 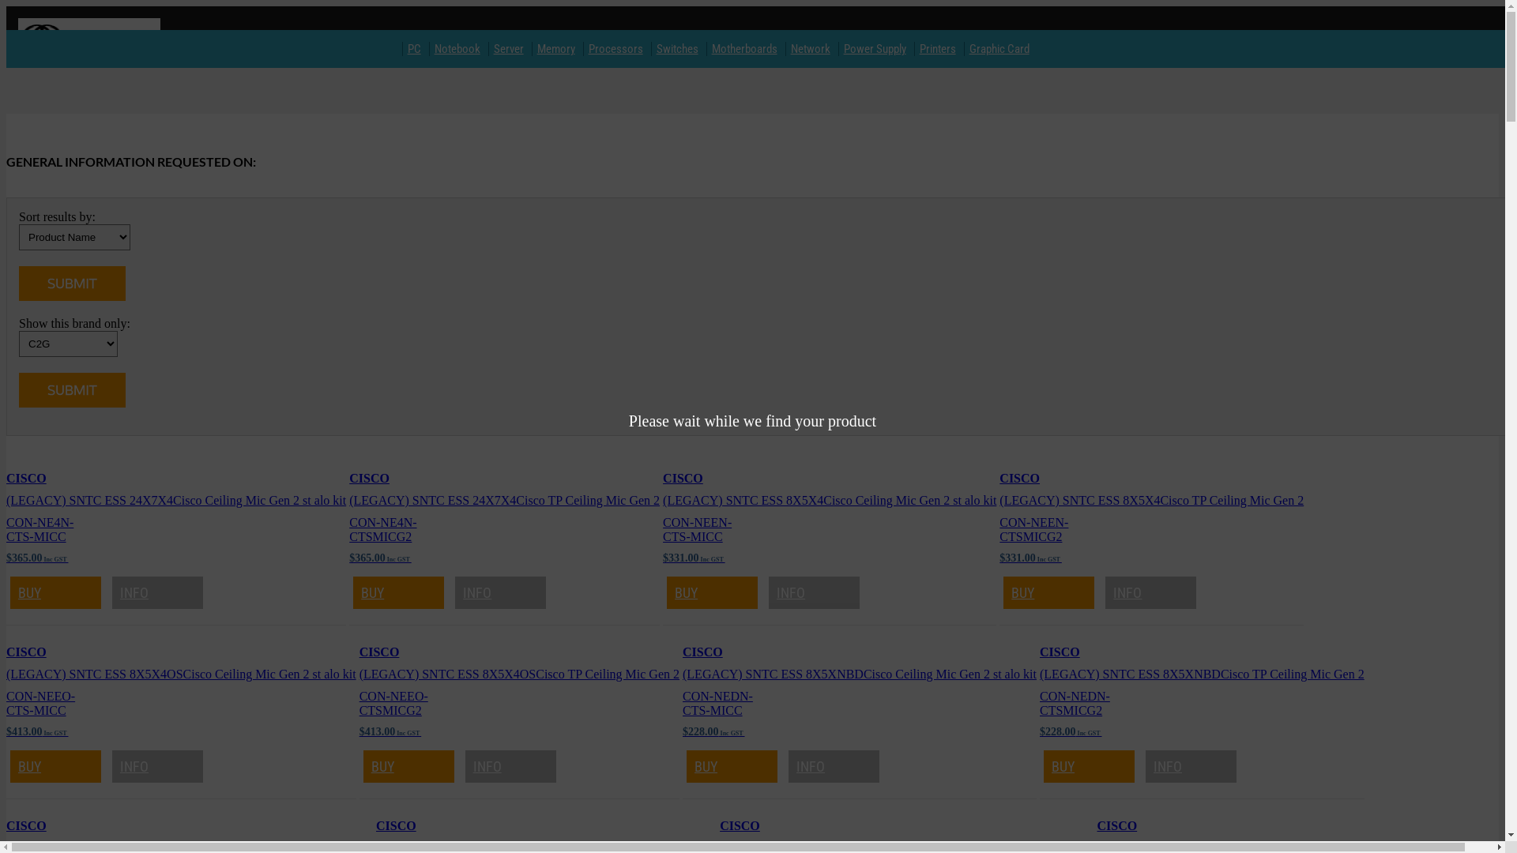 I want to click on '(LEGACY) SNTC ESS 8X5X4OSCisco Ceiling Mic Gen 2 st alo kit', so click(x=181, y=674).